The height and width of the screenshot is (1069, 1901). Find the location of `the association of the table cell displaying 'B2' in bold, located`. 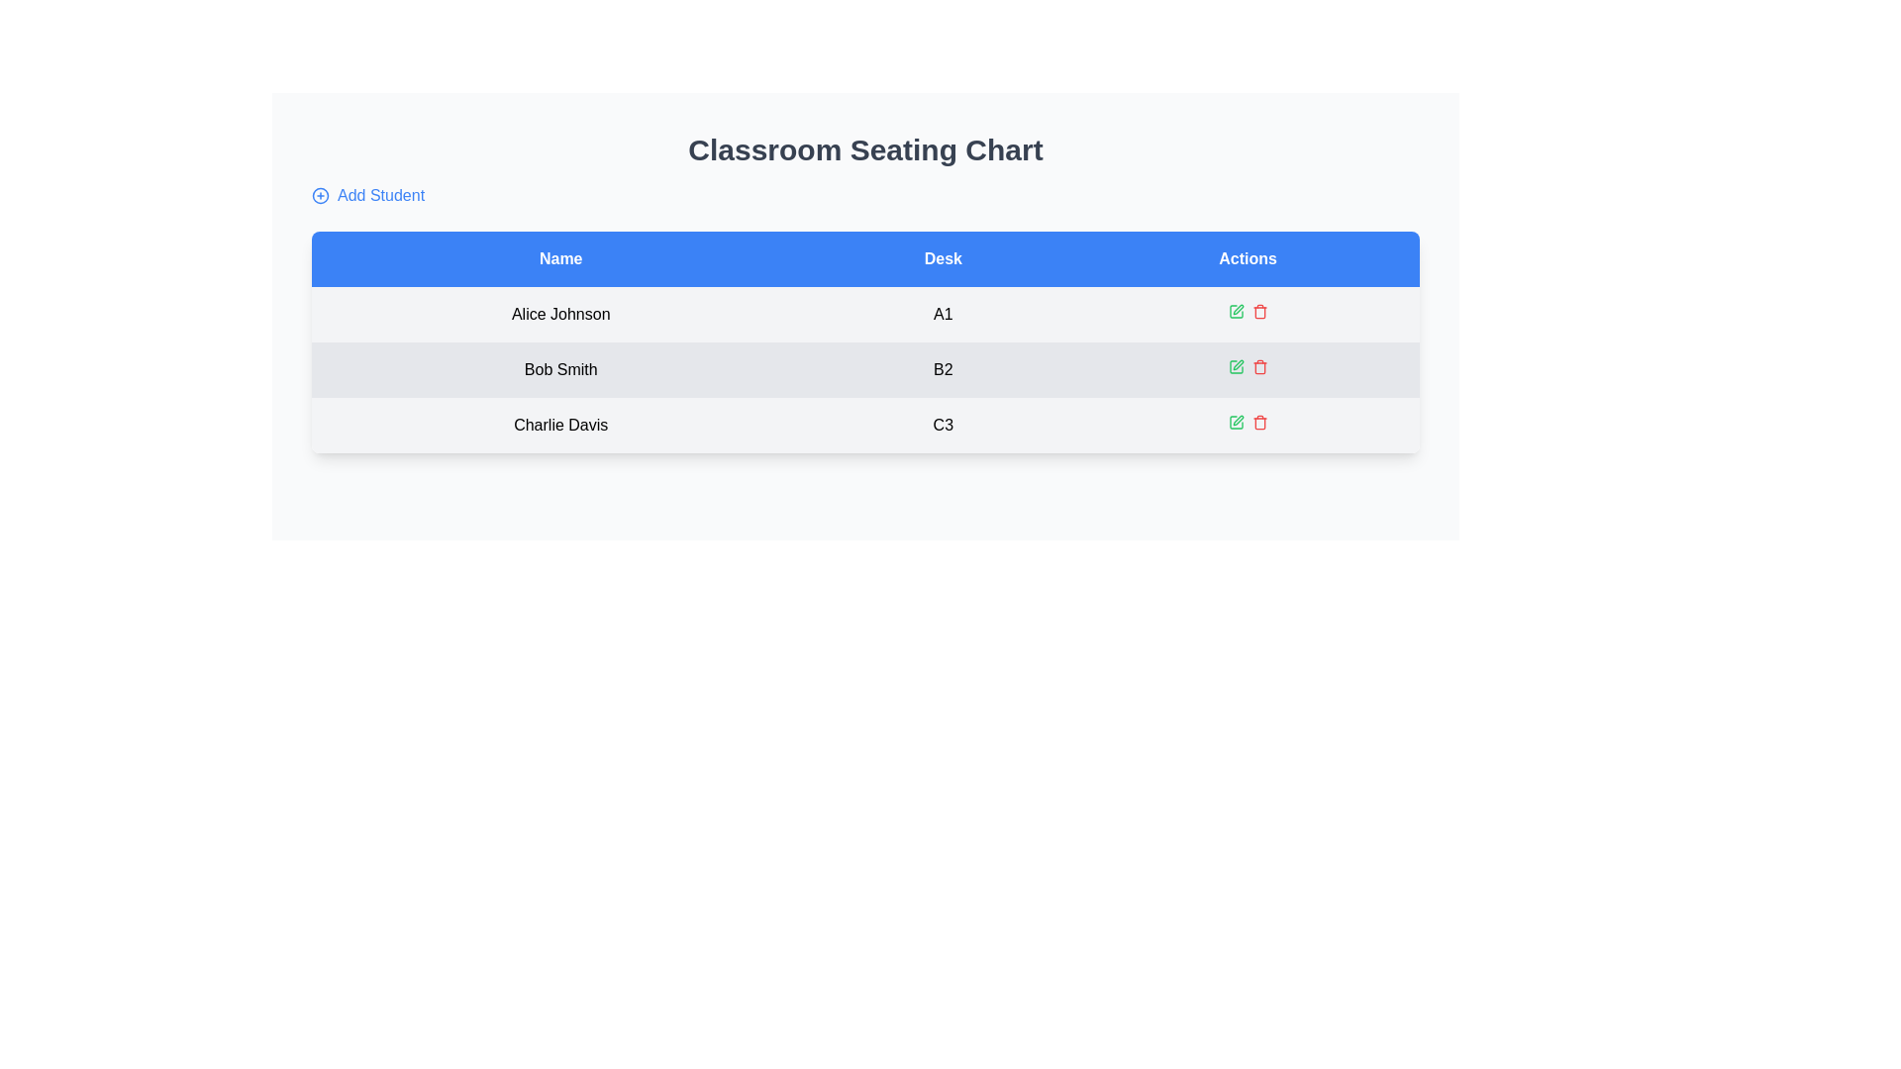

the association of the table cell displaying 'B2' in bold, located is located at coordinates (942, 370).